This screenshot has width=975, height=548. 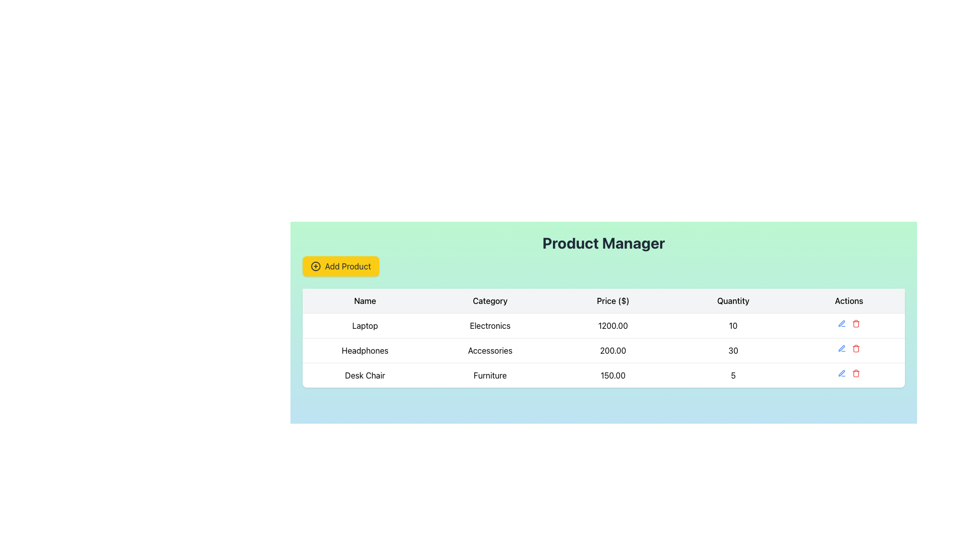 What do you see at coordinates (490, 375) in the screenshot?
I see `the informational Text Label displaying the category 'Desk Chair' in the last row of the table` at bounding box center [490, 375].